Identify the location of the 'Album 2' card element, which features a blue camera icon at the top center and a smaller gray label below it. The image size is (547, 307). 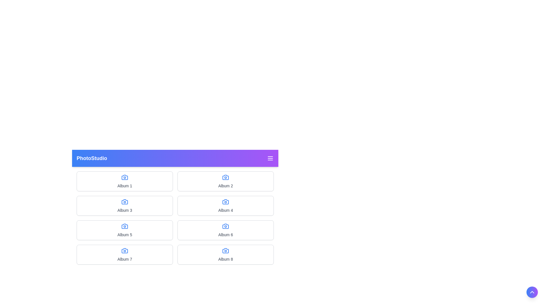
(225, 181).